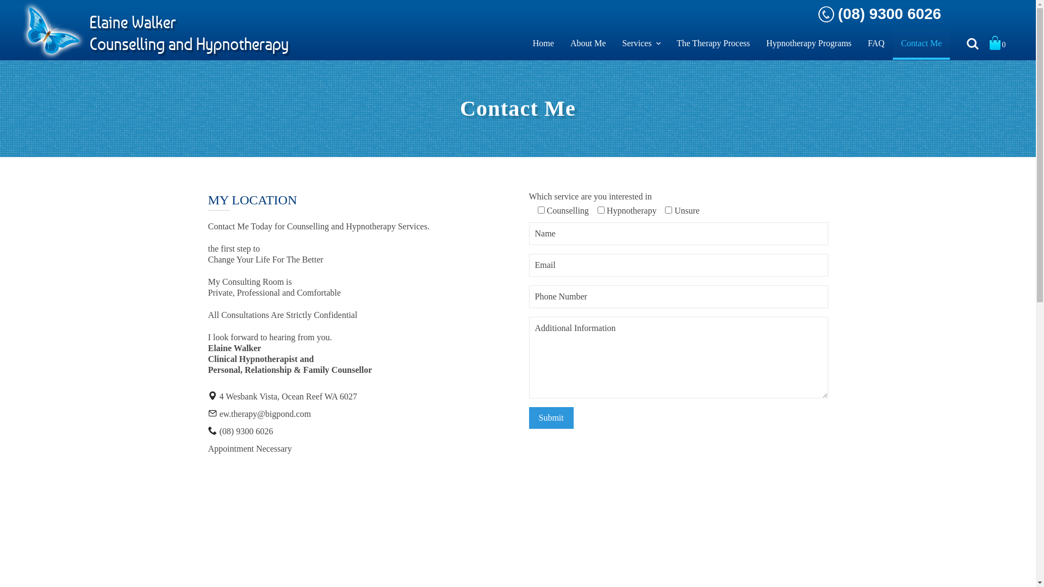 The width and height of the screenshot is (1044, 587). Describe the element at coordinates (973, 43) in the screenshot. I see `'Search'` at that location.